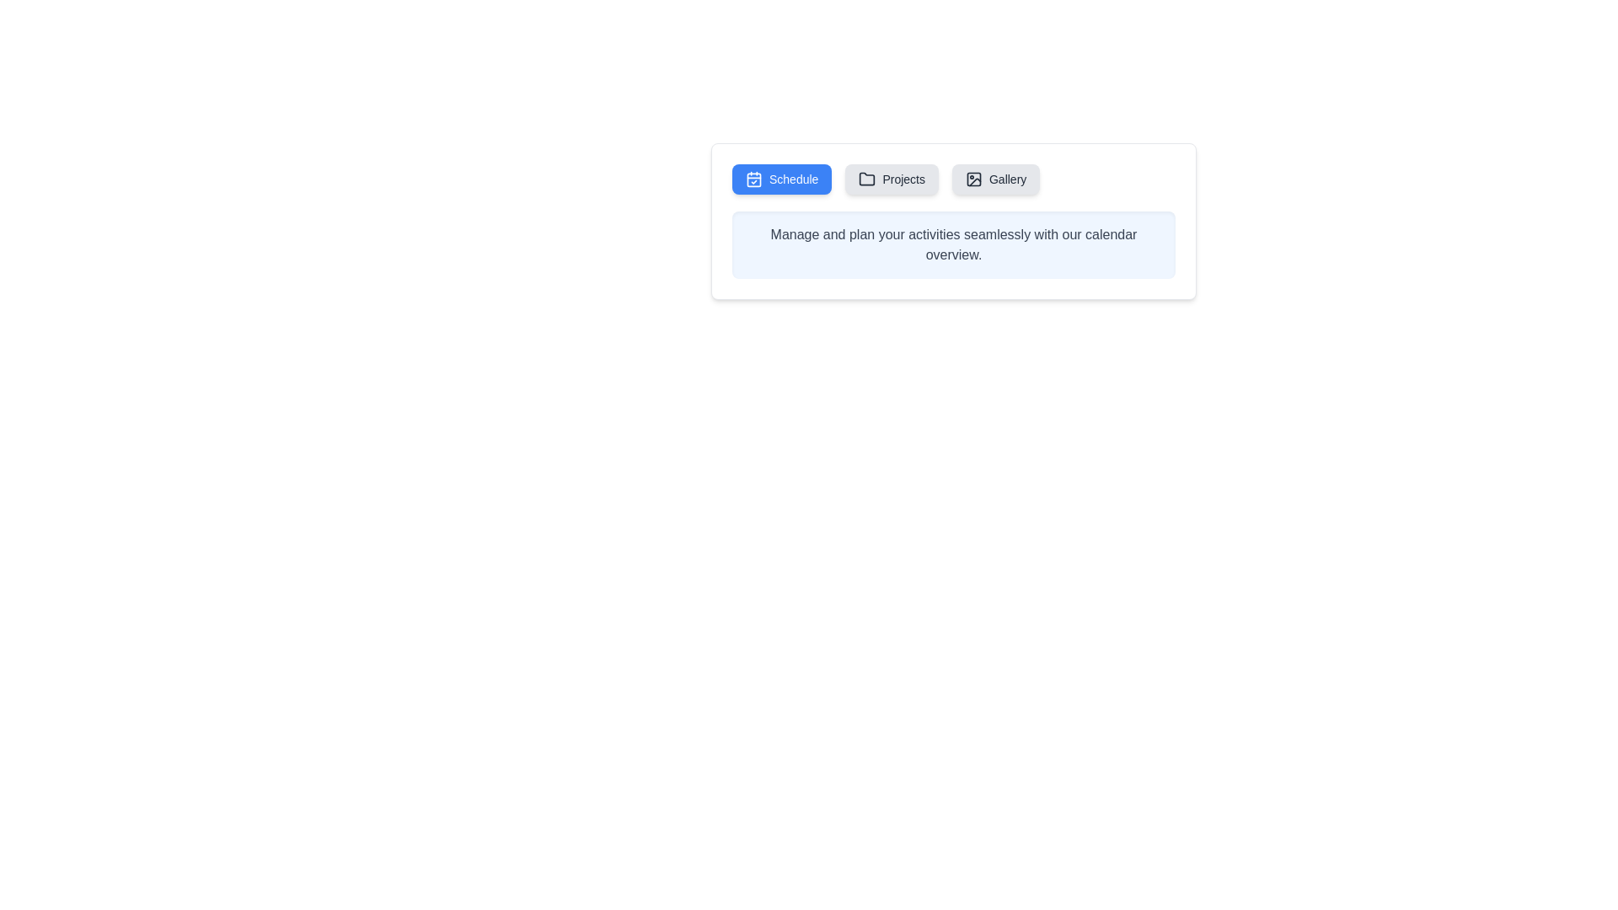 This screenshot has width=1618, height=910. Describe the element at coordinates (890, 179) in the screenshot. I see `the Projects tab to observe its hover effect` at that location.